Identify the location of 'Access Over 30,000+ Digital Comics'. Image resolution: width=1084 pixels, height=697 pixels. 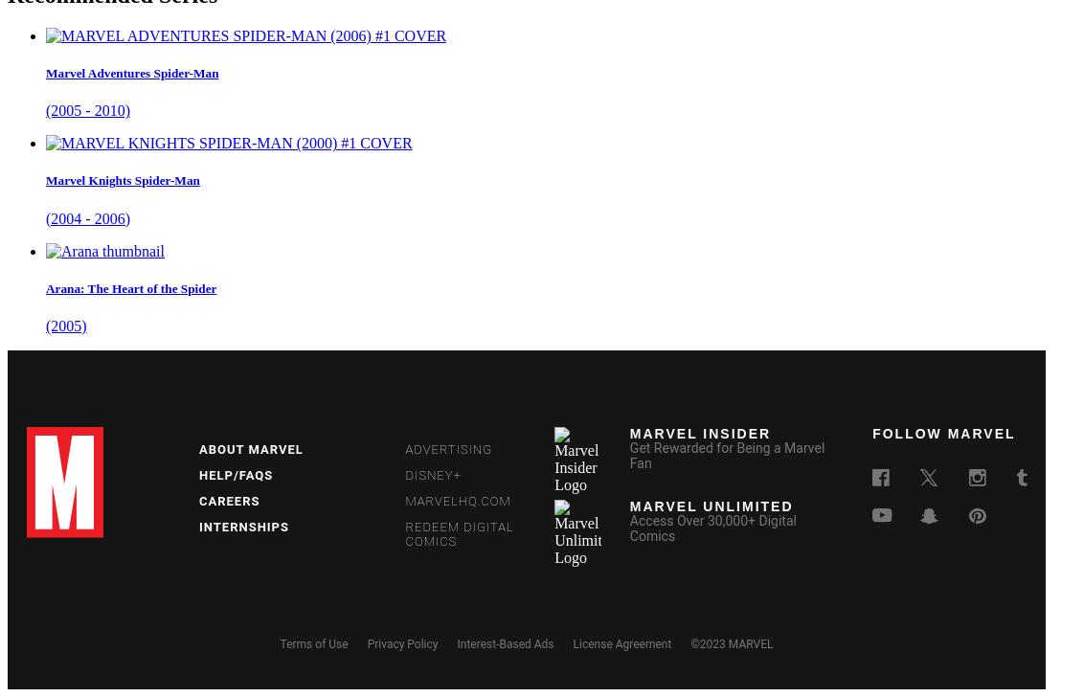
(711, 528).